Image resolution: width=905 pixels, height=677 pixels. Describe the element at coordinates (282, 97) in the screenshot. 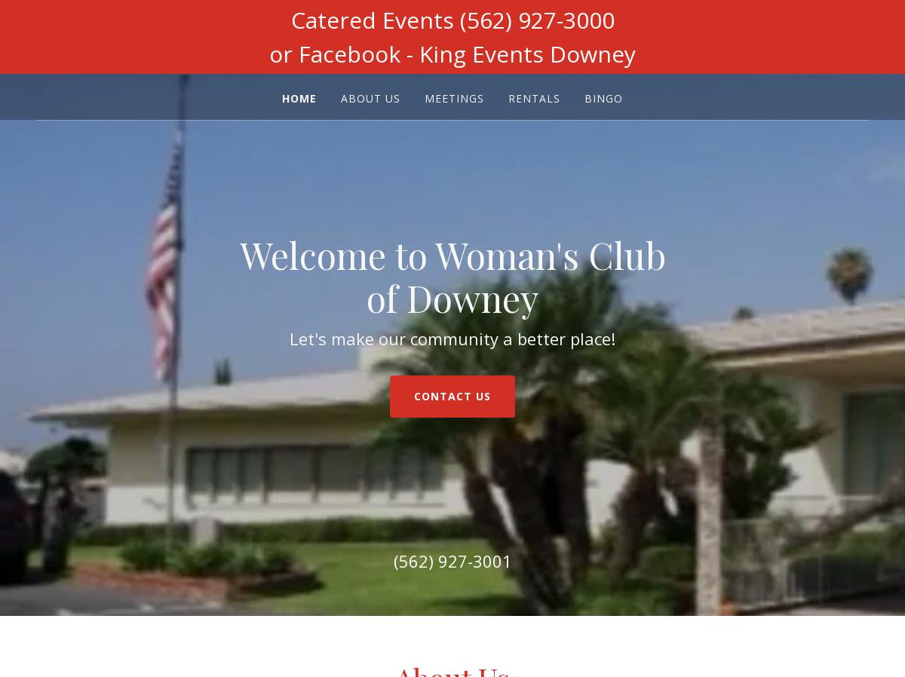

I see `'Home'` at that location.